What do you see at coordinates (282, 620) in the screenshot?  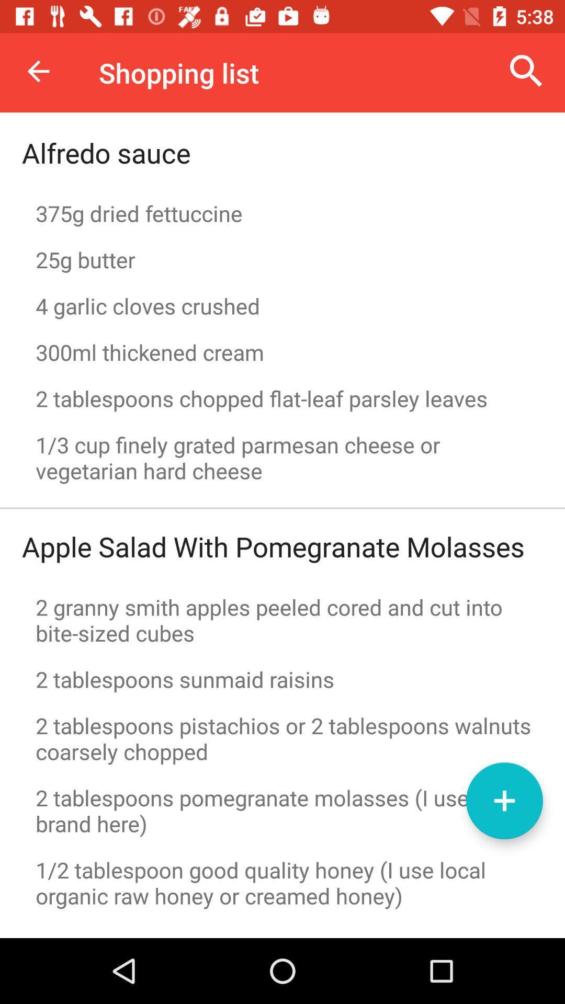 I see `item above 2 tablespoons sunmaid icon` at bounding box center [282, 620].